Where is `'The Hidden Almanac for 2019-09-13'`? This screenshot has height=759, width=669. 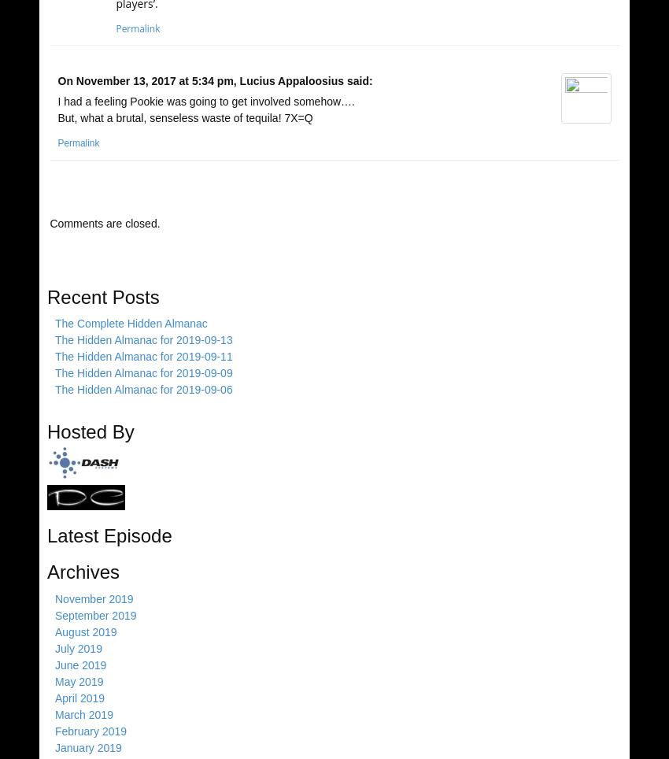
'The Hidden Almanac for 2019-09-13' is located at coordinates (55, 339).